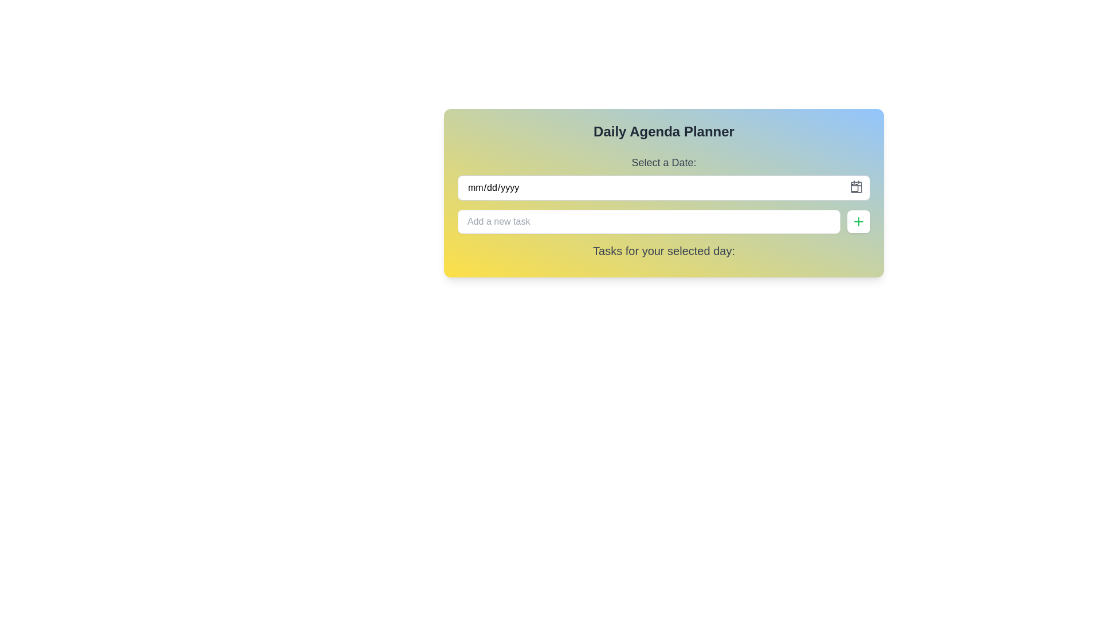 Image resolution: width=1100 pixels, height=619 pixels. I want to click on the Date Picker Field text input located beneath the 'Daily Agenda Planner' title, so click(663, 177).